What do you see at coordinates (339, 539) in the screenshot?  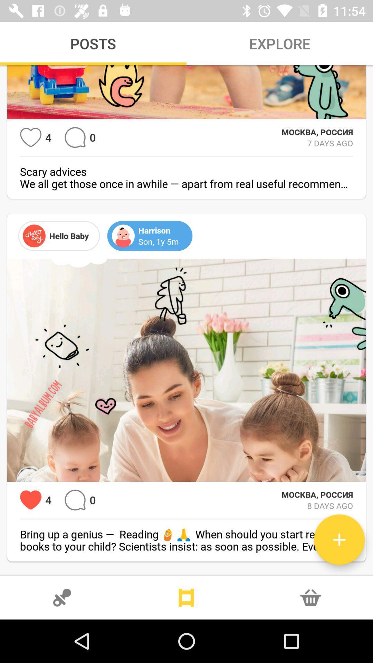 I see `post` at bounding box center [339, 539].